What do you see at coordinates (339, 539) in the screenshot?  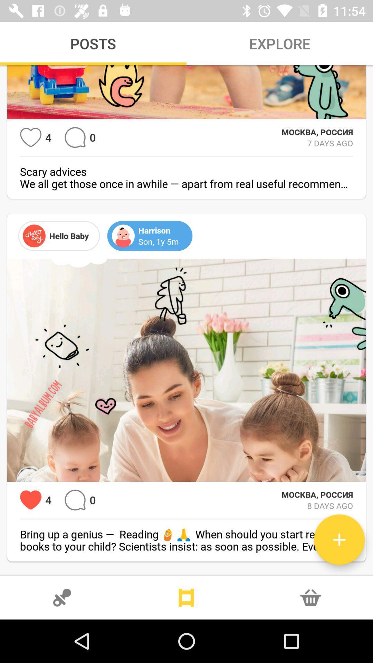 I see `post` at bounding box center [339, 539].